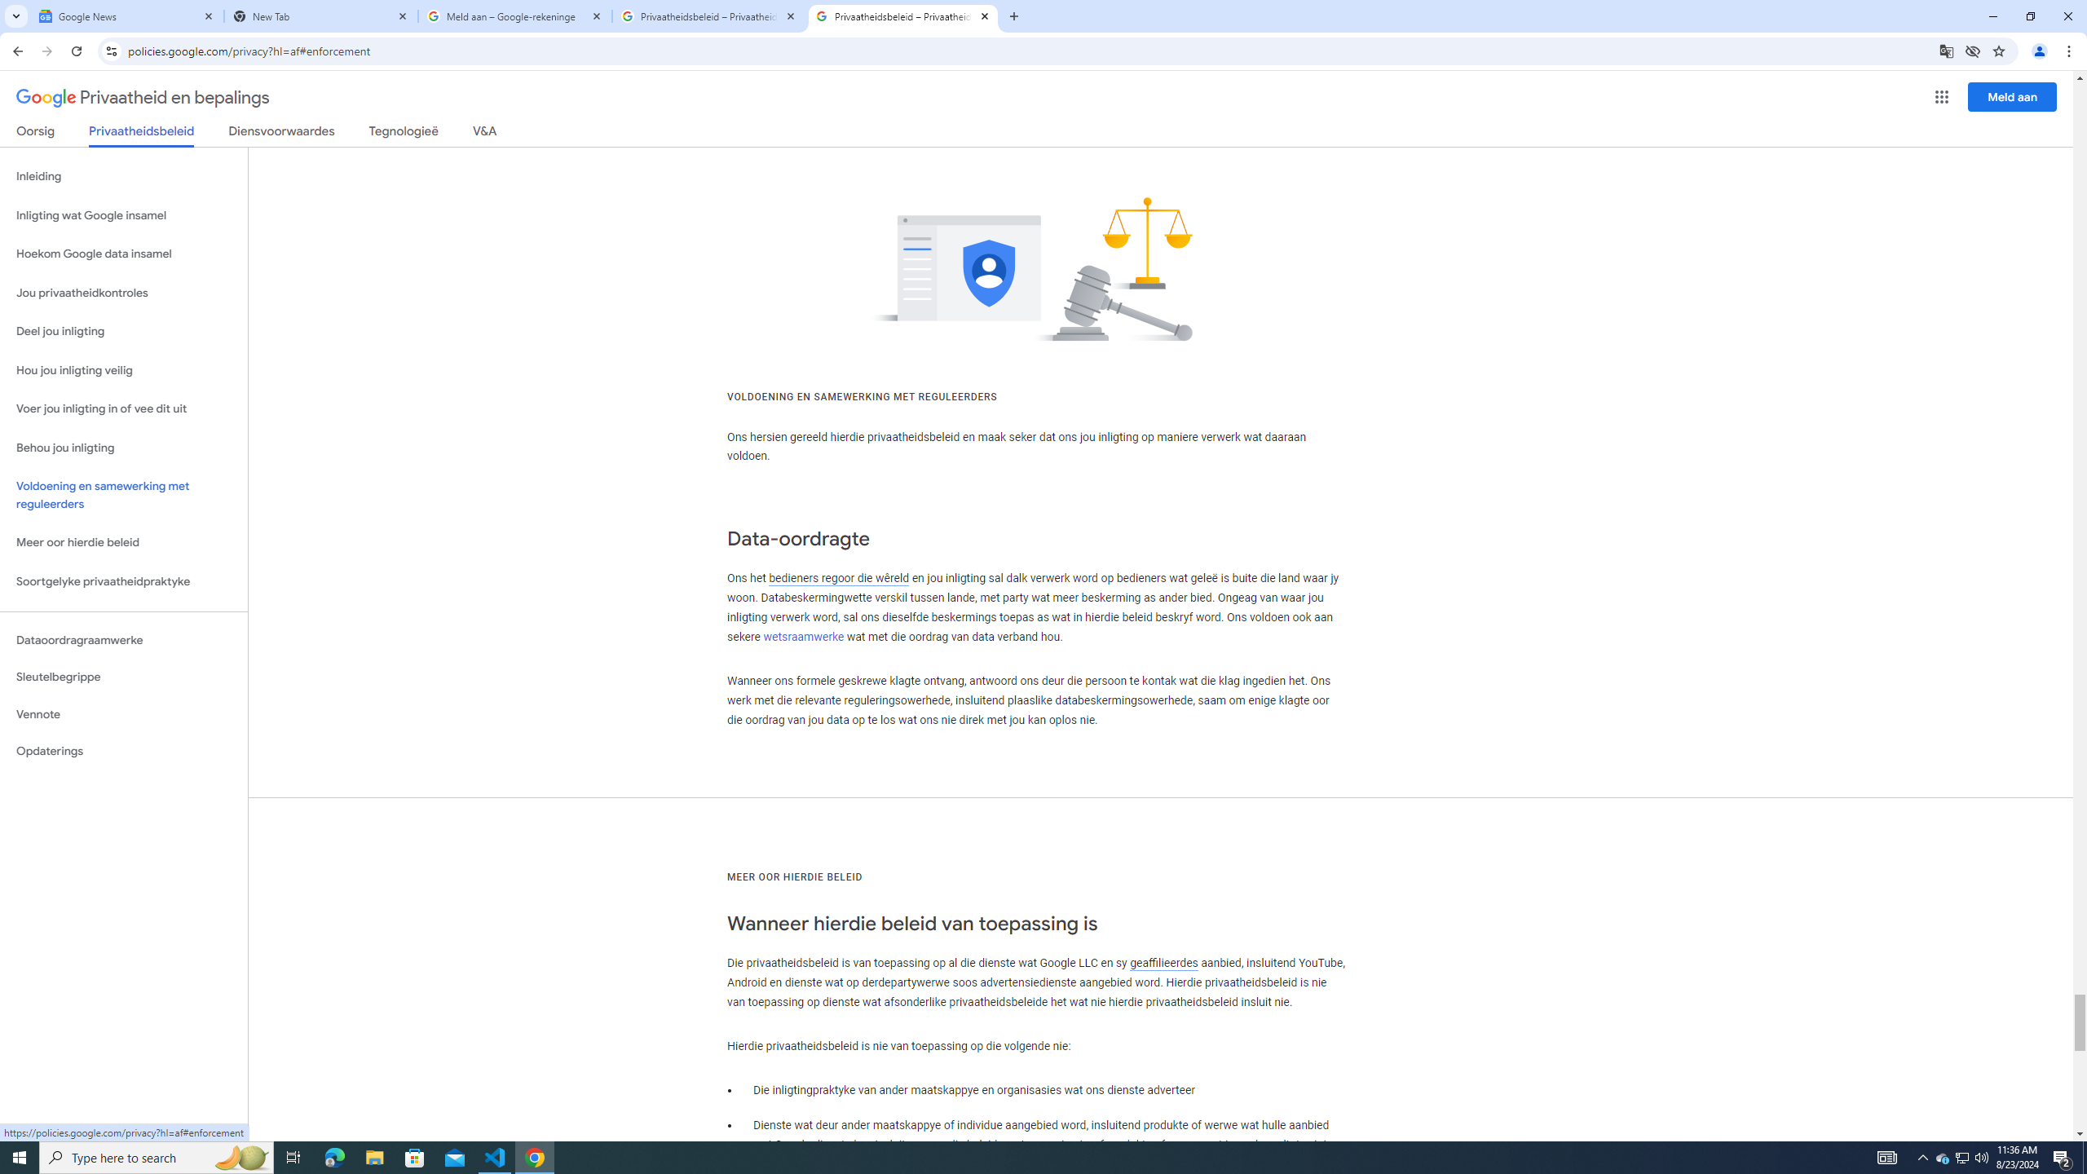 This screenshot has width=2087, height=1174. What do you see at coordinates (123, 215) in the screenshot?
I see `'Inligting wat Google insamel'` at bounding box center [123, 215].